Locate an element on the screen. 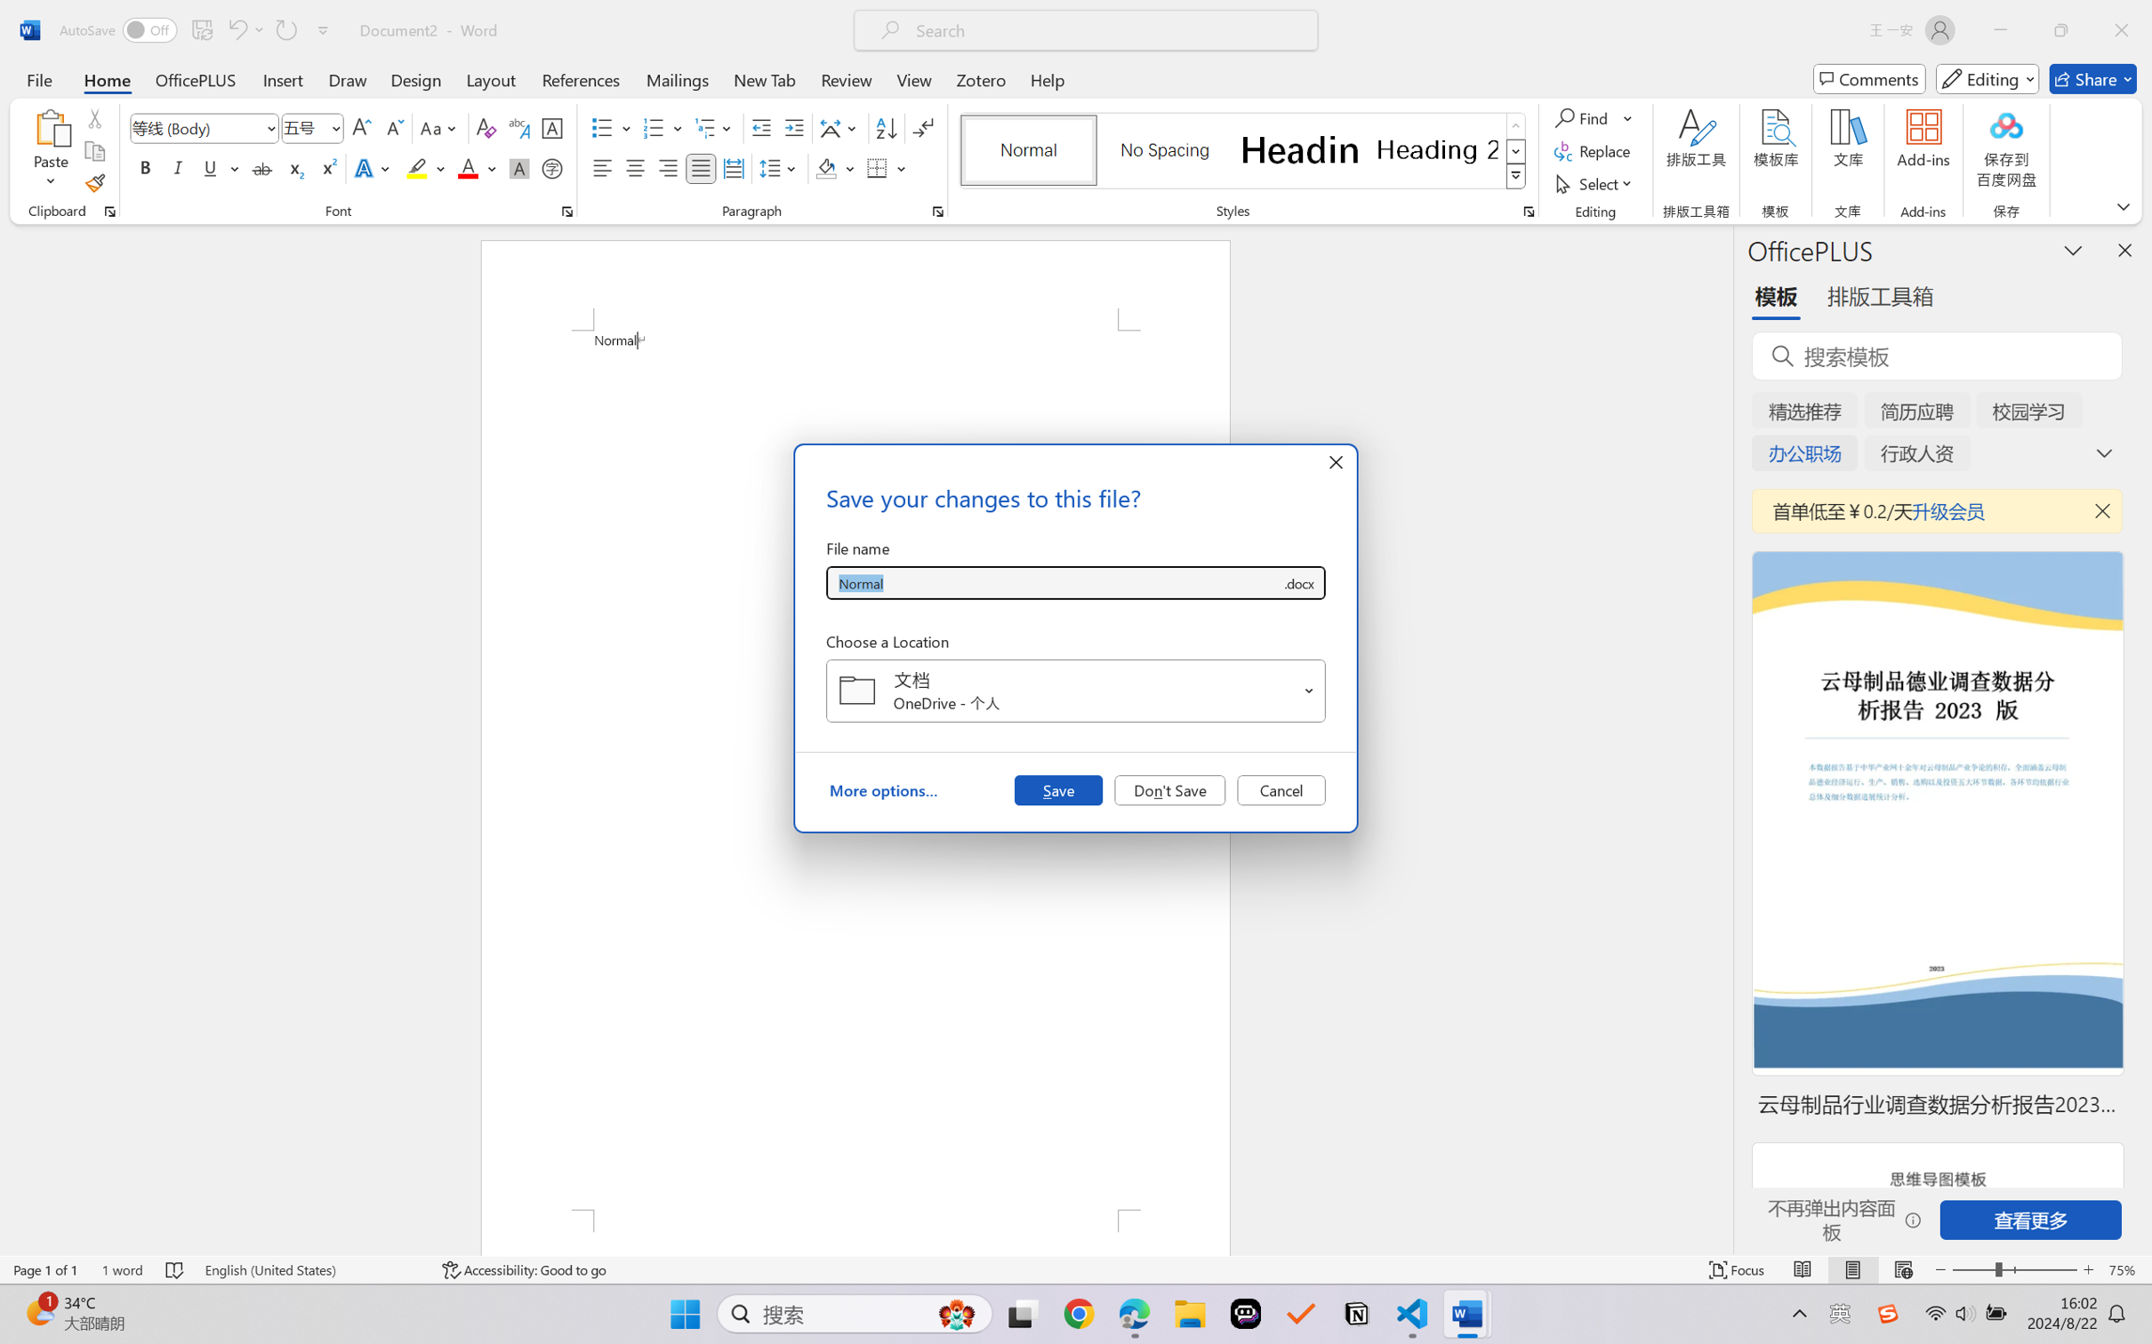  'Borders' is located at coordinates (878, 167).